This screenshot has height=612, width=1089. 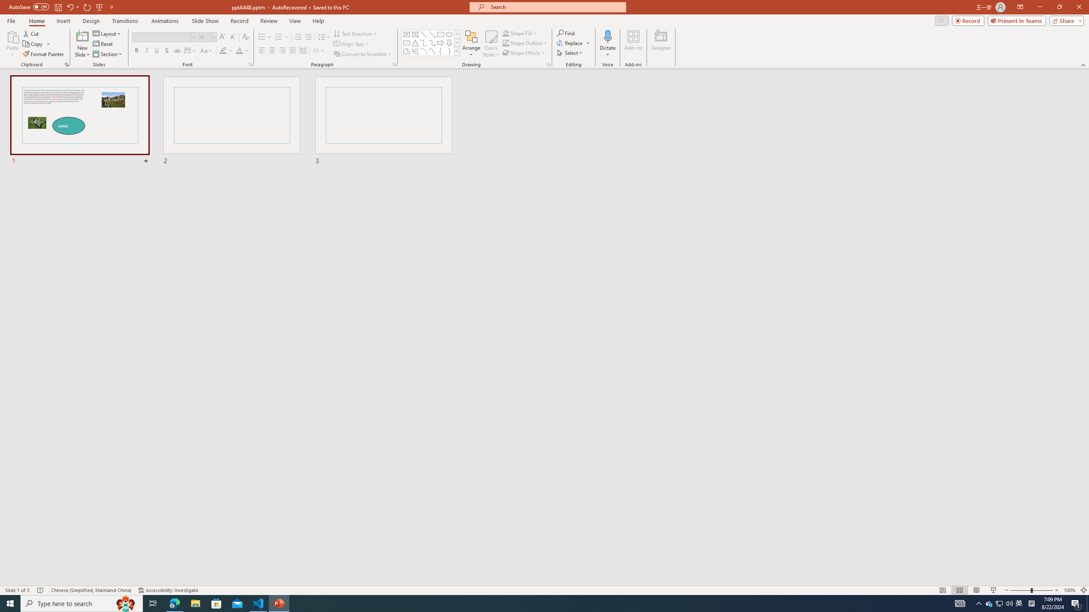 I want to click on 'Zoom to Fit ', so click(x=1083, y=590).